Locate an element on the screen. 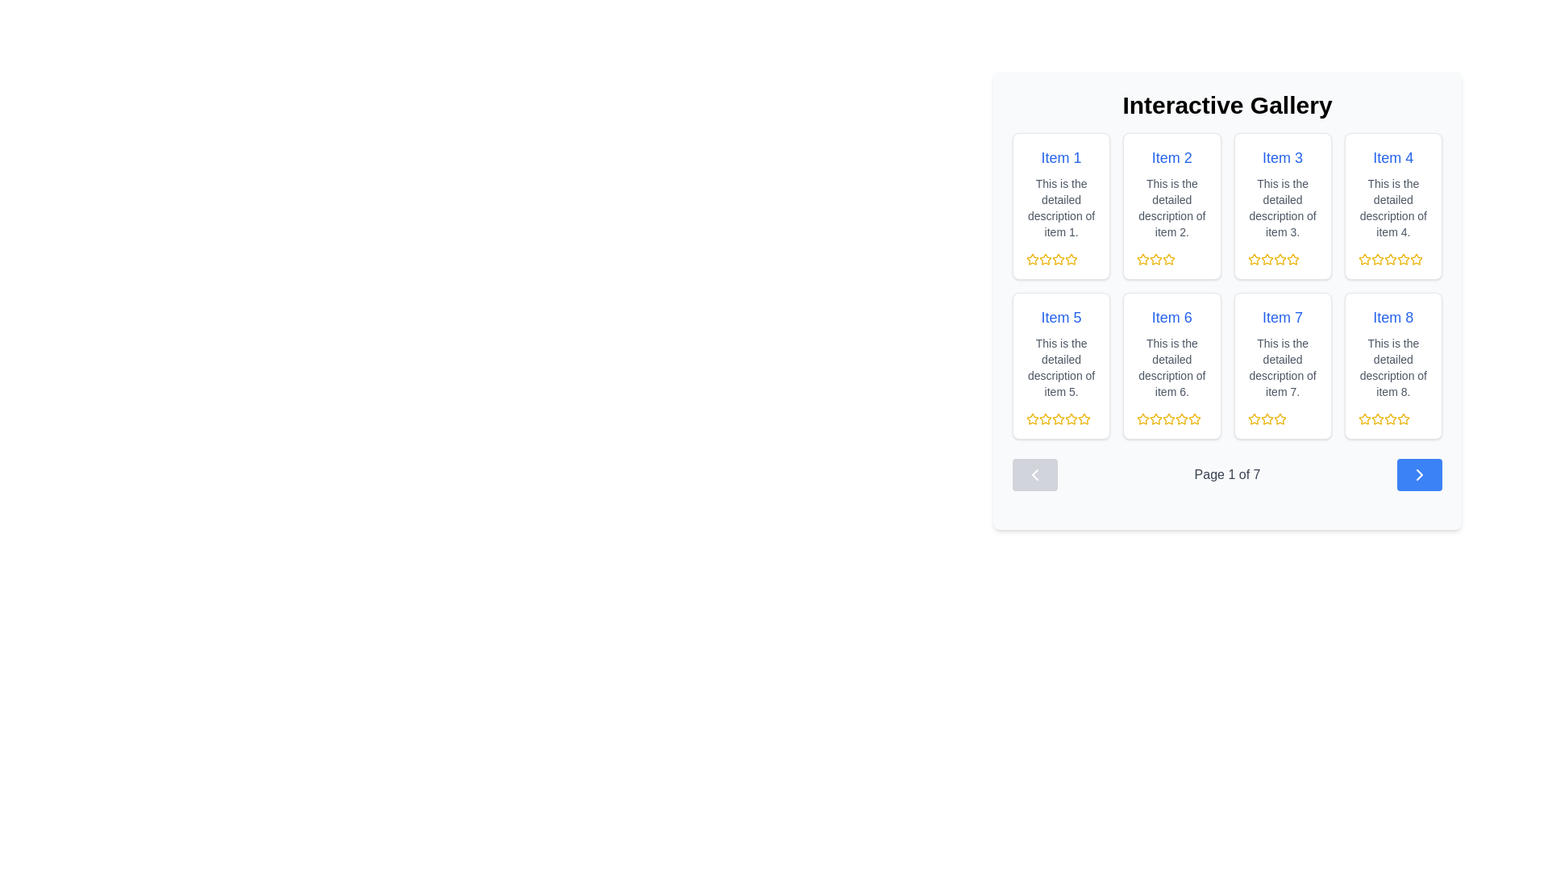 This screenshot has height=871, width=1548. the star icon representing a one-star rating in the 5-star rating system is located at coordinates (1155, 418).